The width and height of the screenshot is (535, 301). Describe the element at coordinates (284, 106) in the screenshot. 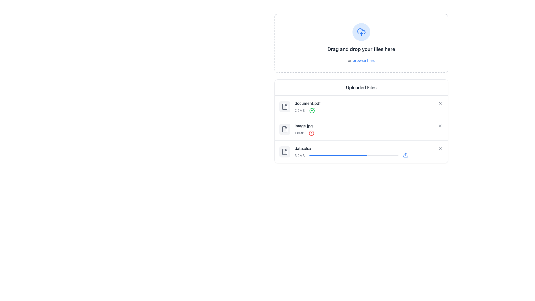

I see `the Icon element representing the file document with a folded corner, located in the uploaded files interface for 'document.pdf'` at that location.